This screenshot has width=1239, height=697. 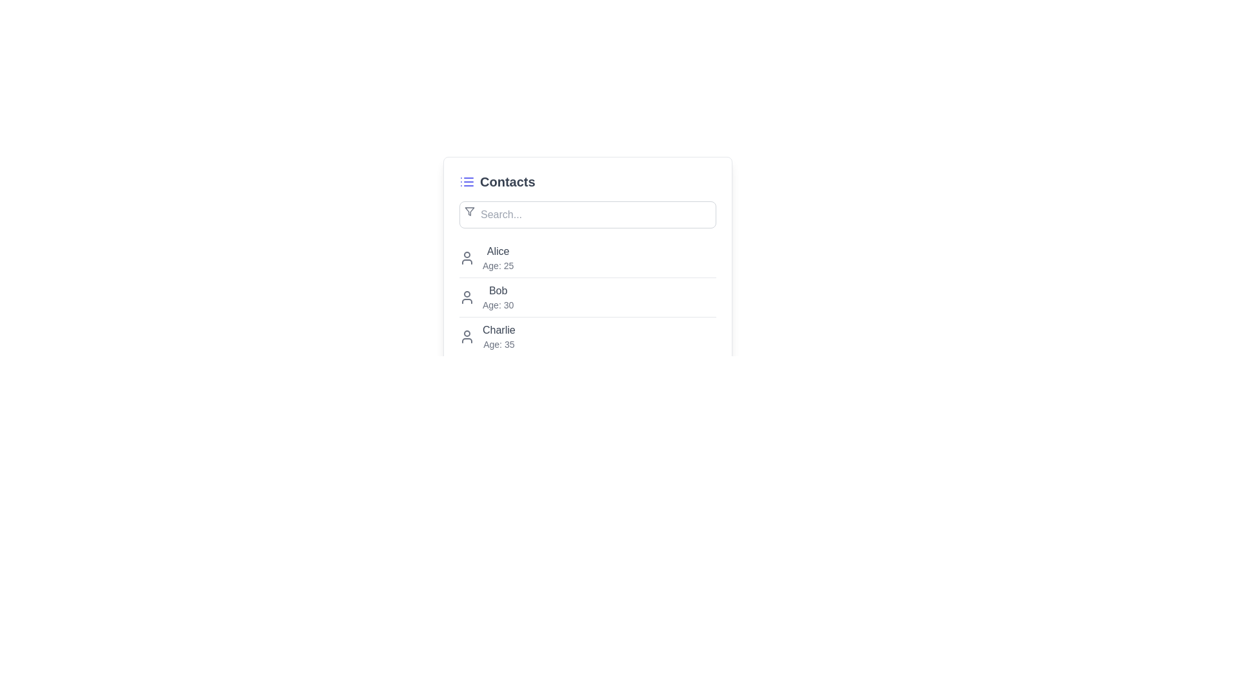 What do you see at coordinates (587, 298) in the screenshot?
I see `the second item in the vertical list of contact entries displaying a person's name and age in the 'Contacts' section` at bounding box center [587, 298].